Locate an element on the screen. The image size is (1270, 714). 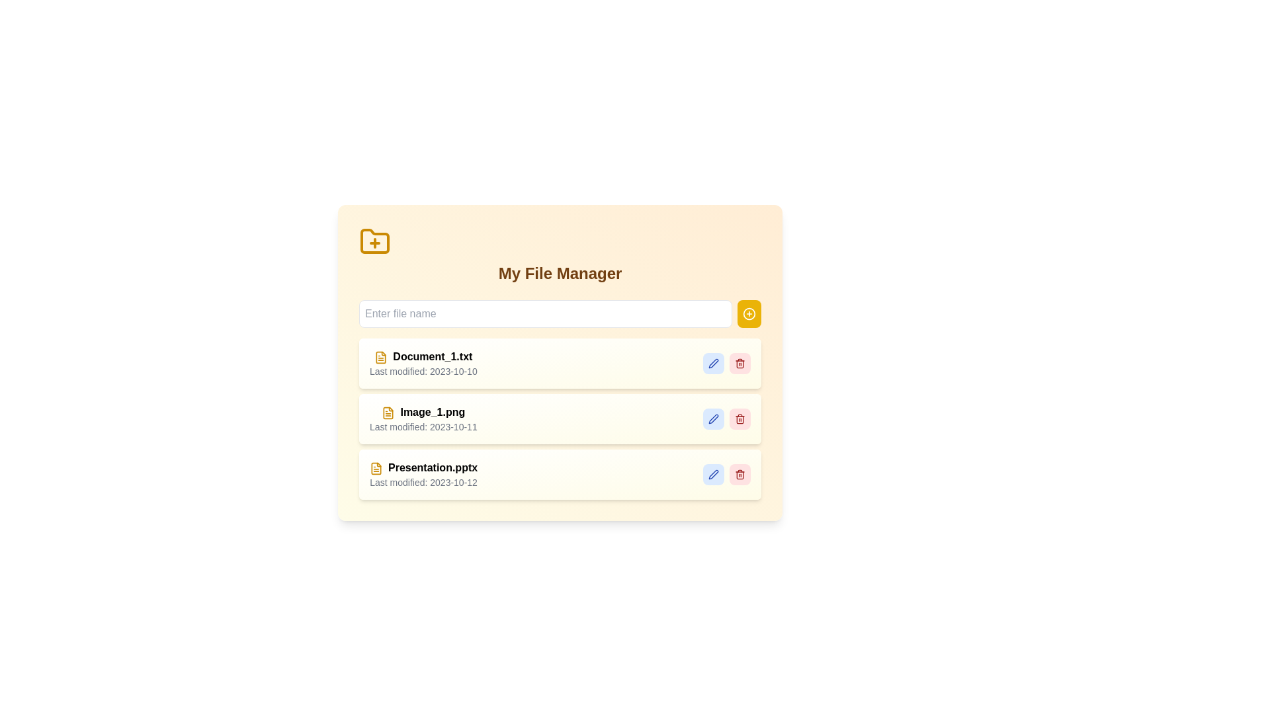
the file type icon representing the 'Presentation.pptx' document is located at coordinates (376, 467).